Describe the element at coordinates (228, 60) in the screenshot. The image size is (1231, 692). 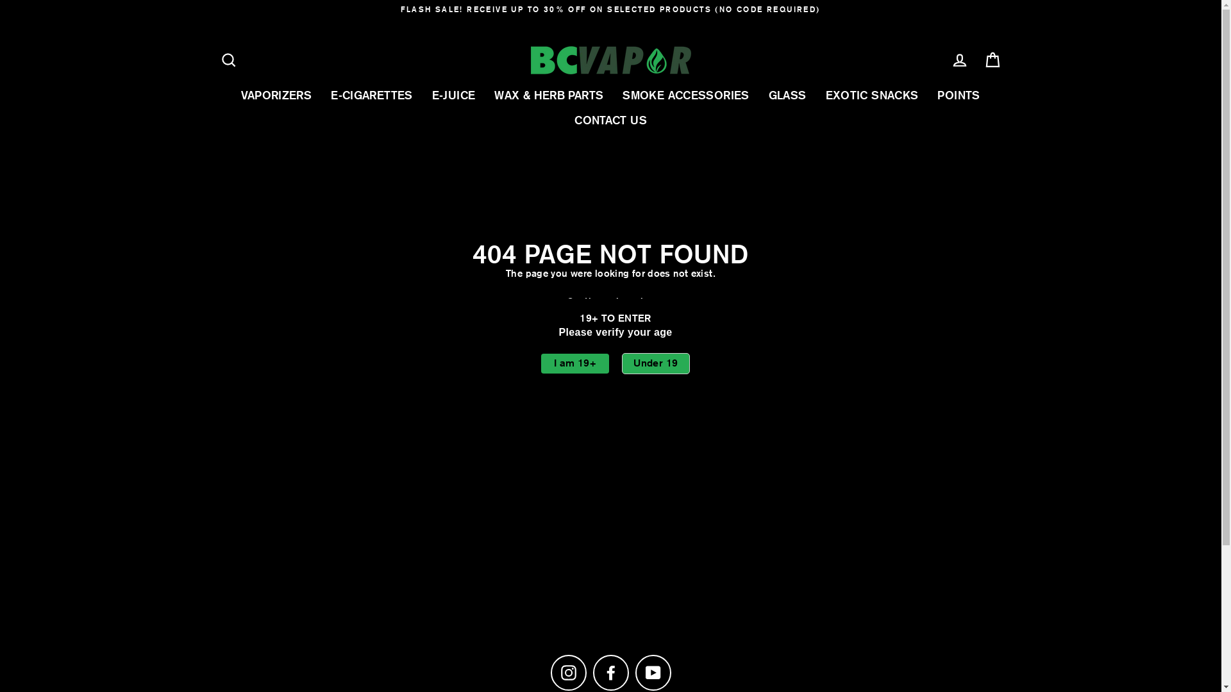
I see `'Search'` at that location.